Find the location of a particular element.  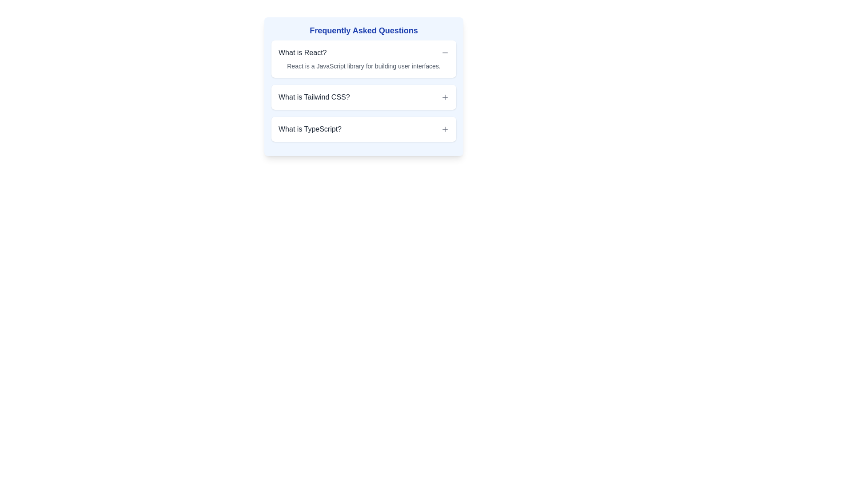

the collapse button located on the far right side of the 'What is React?' horizontal row to hide or minimize the related content displayed below is located at coordinates (445, 53).